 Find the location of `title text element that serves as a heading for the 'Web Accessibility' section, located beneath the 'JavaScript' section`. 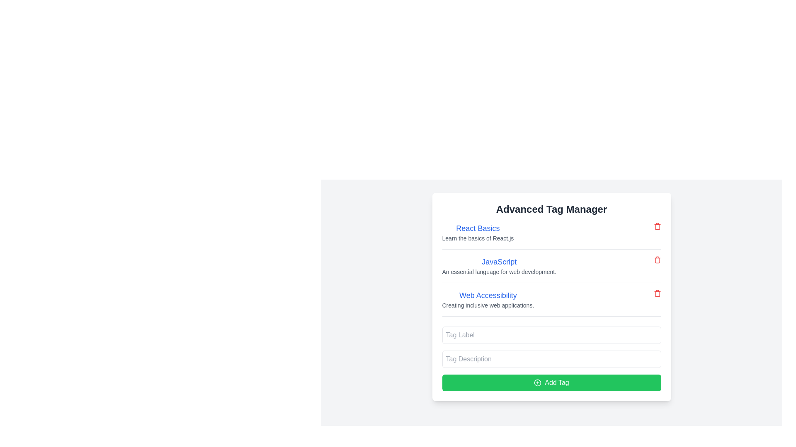

title text element that serves as a heading for the 'Web Accessibility' section, located beneath the 'JavaScript' section is located at coordinates (488, 295).